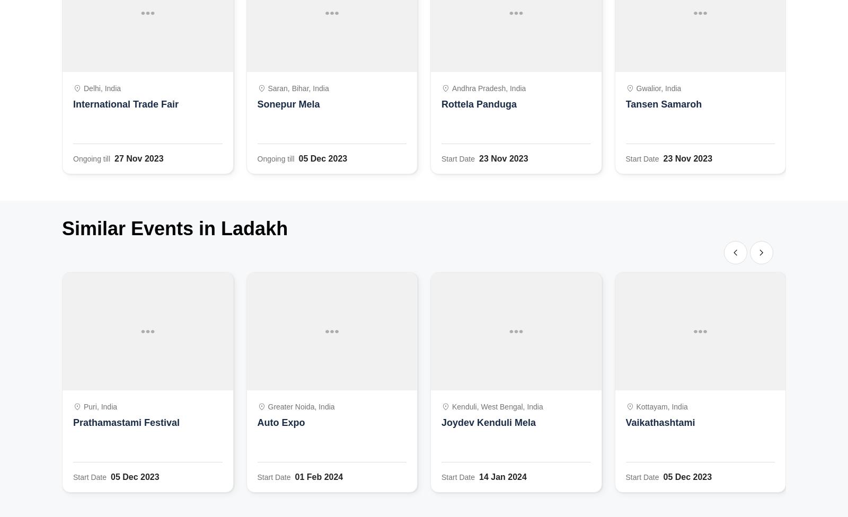  Describe the element at coordinates (735, 252) in the screenshot. I see `'chevron_left'` at that location.